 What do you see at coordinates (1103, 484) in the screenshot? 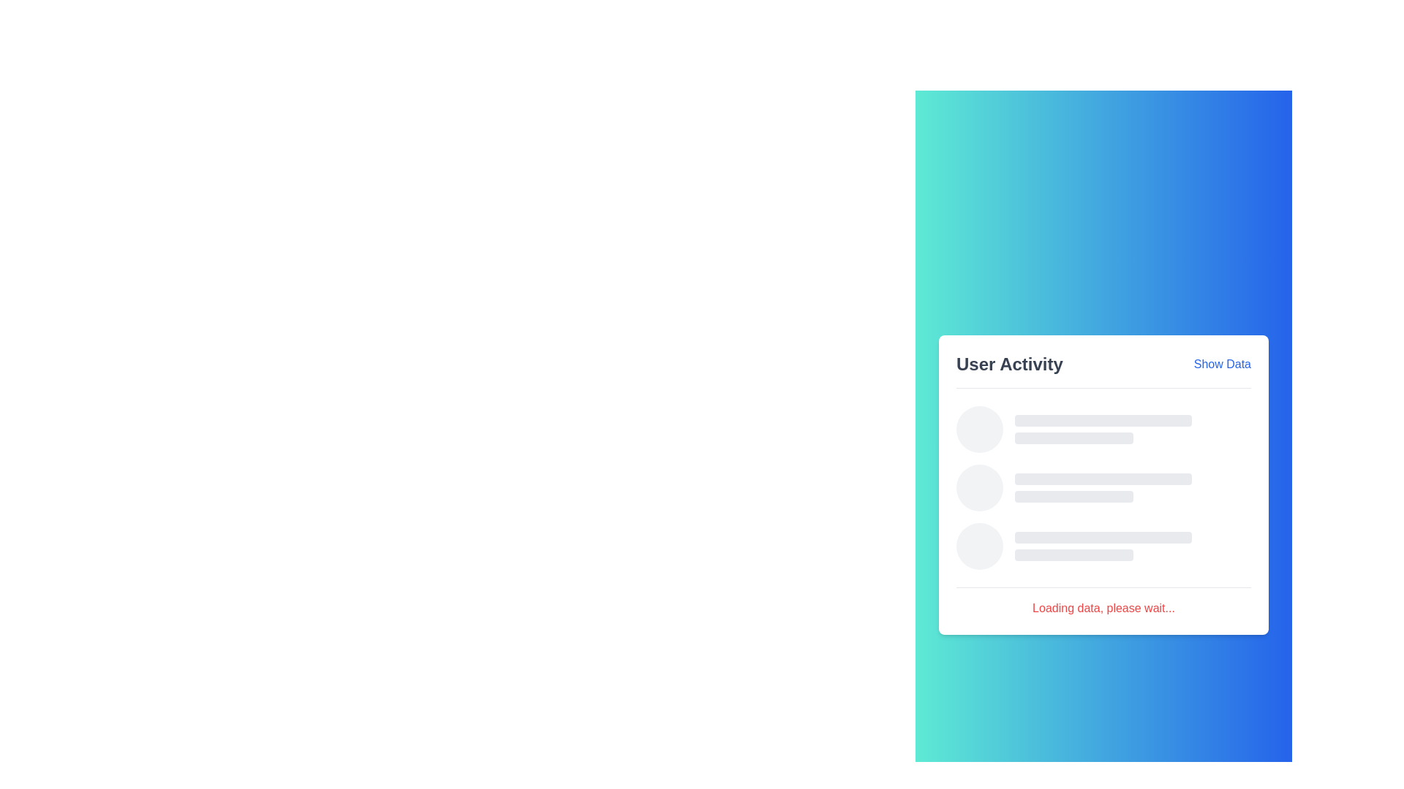
I see `data content or placeholders from the center item of the three rows in the 'User Activity' card that contains a white background and rounded corners` at bounding box center [1103, 484].